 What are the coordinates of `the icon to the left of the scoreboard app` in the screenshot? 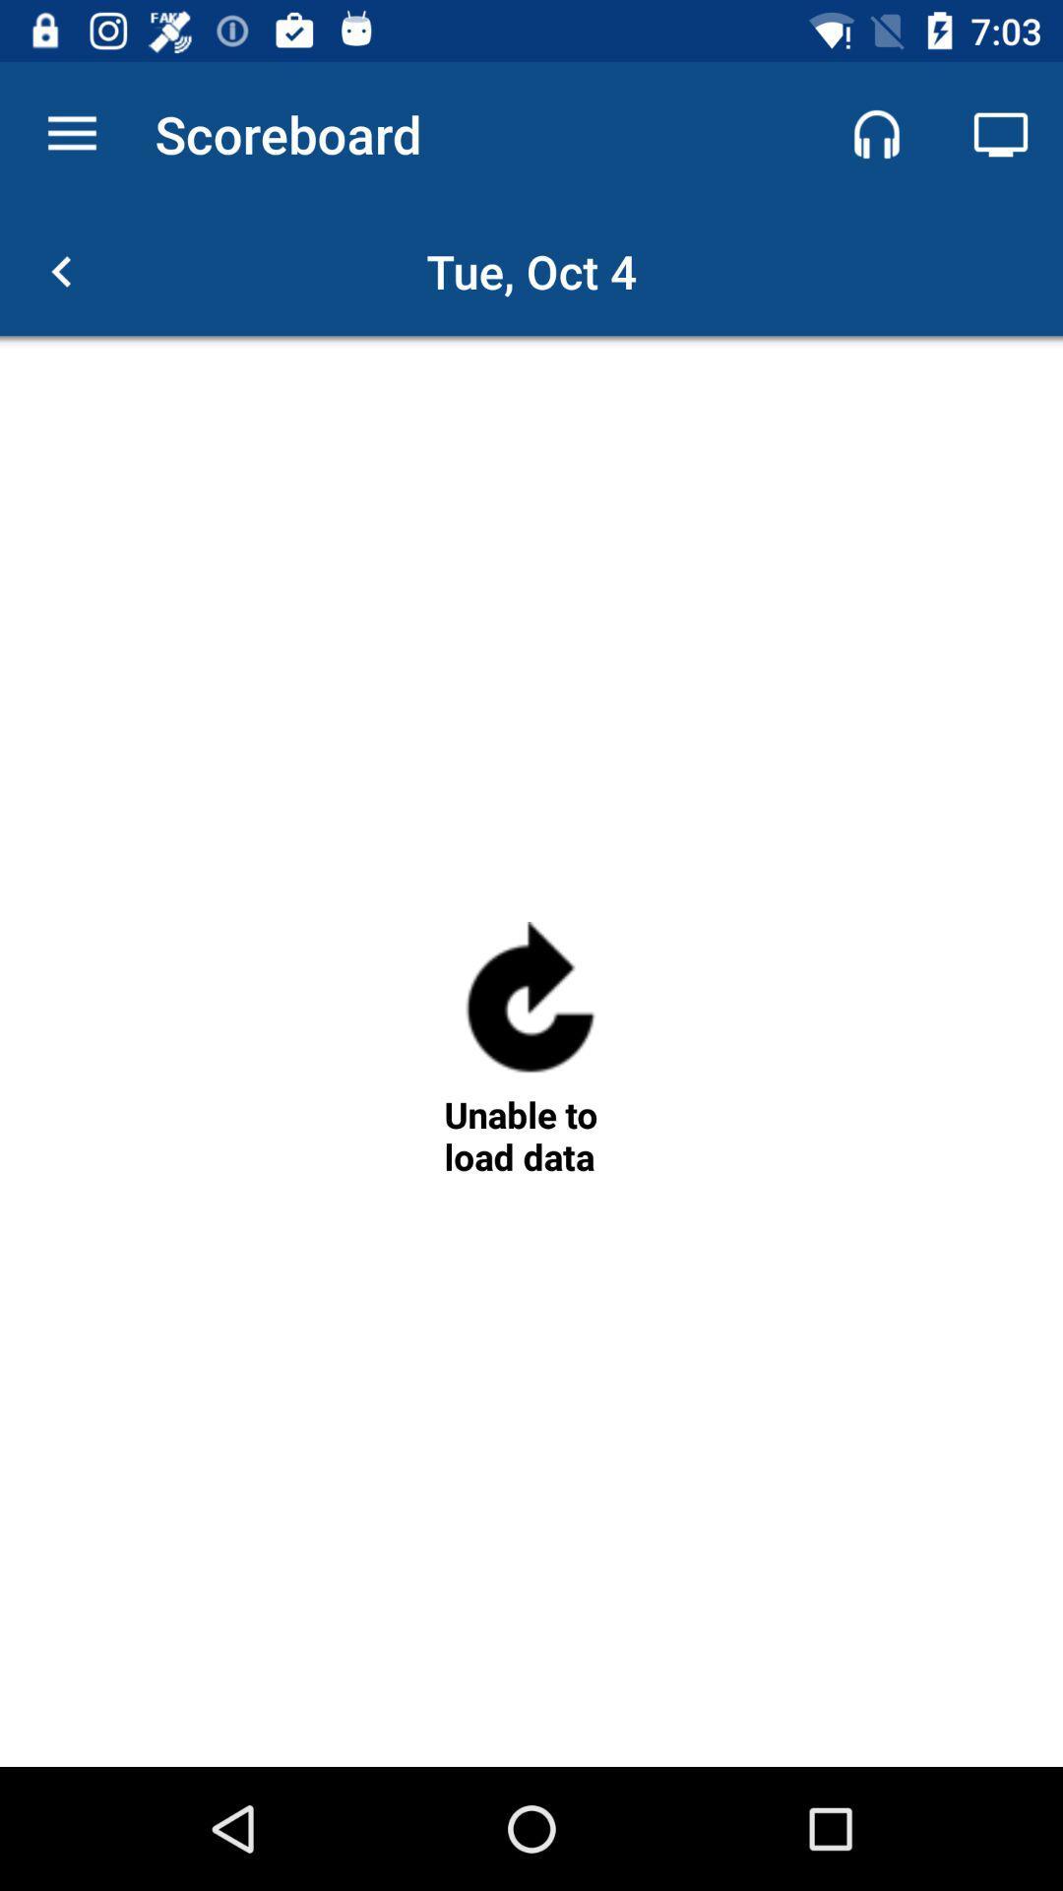 It's located at (71, 133).